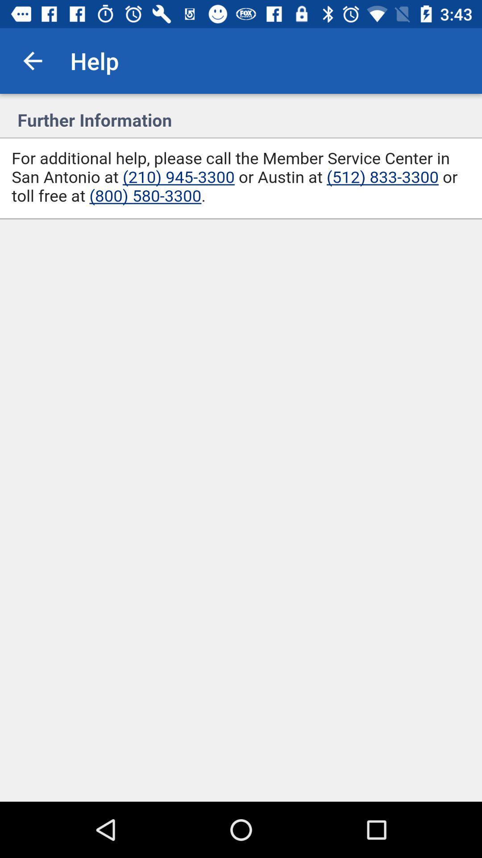 The image size is (482, 858). I want to click on dail specific phone numbers to call service center, so click(241, 448).